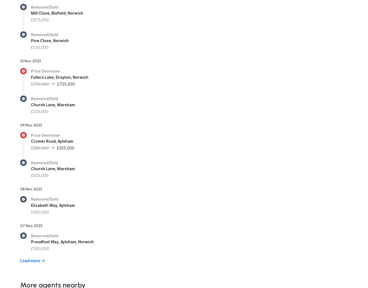 This screenshot has width=368, height=288. Describe the element at coordinates (67, 148) in the screenshot. I see `'325,000'` at that location.